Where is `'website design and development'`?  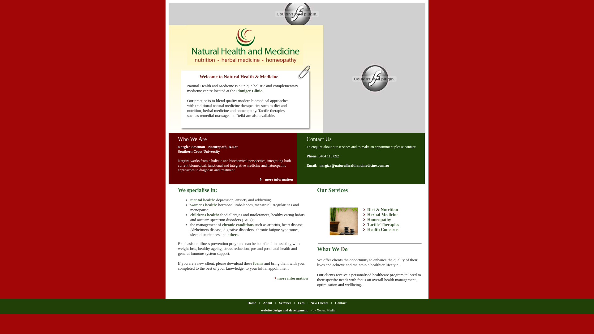 'website design and development' is located at coordinates (284, 310).